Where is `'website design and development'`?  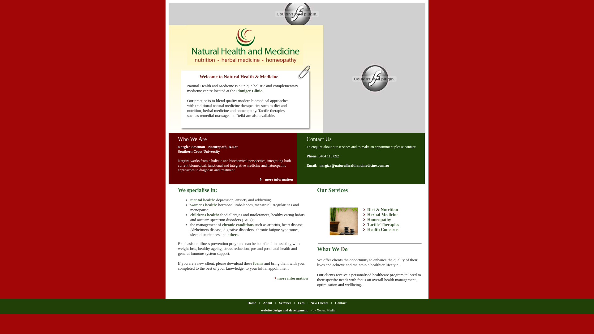 'website design and development' is located at coordinates (284, 310).